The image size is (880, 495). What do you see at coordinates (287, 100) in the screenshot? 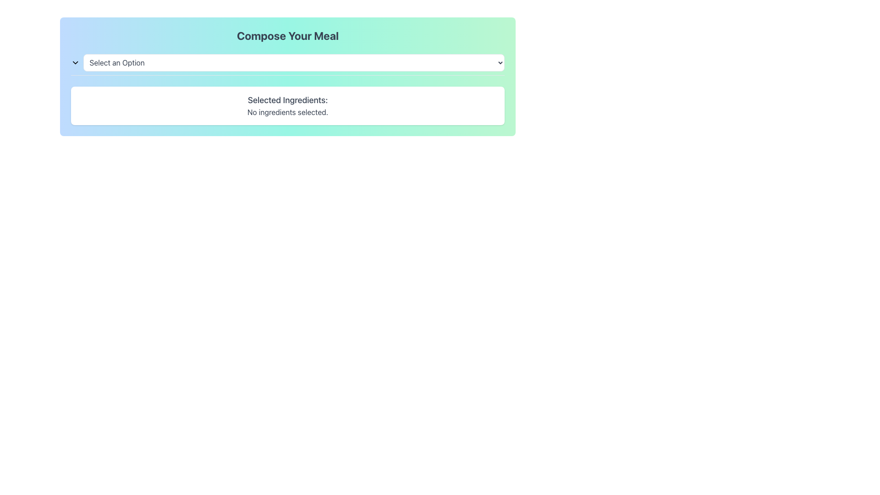
I see `text label stating 'Selected Ingredients:' which is a bold header positioned above the text 'No ingredients selected.'` at bounding box center [287, 100].